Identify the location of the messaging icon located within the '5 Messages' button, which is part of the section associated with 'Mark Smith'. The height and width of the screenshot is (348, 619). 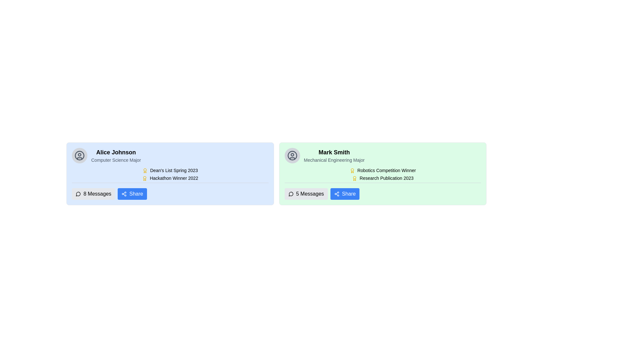
(290, 193).